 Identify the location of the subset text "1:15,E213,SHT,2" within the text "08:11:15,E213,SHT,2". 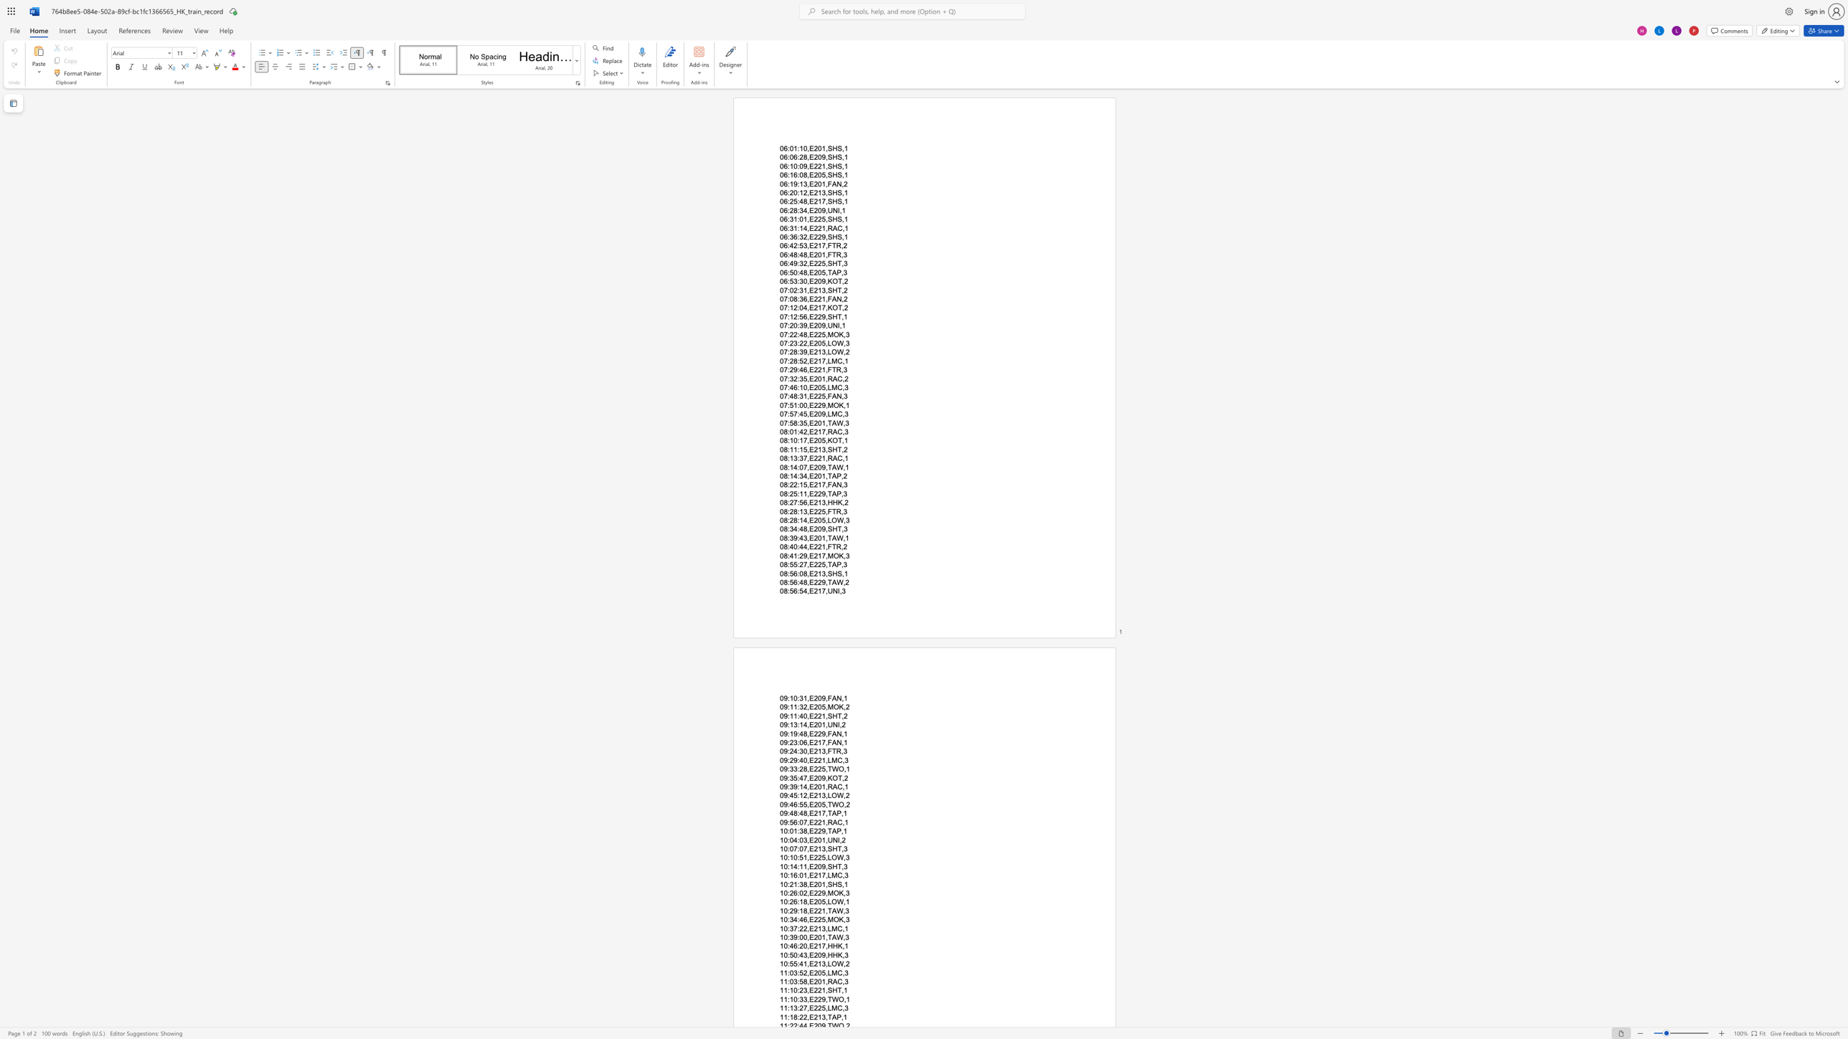
(793, 450).